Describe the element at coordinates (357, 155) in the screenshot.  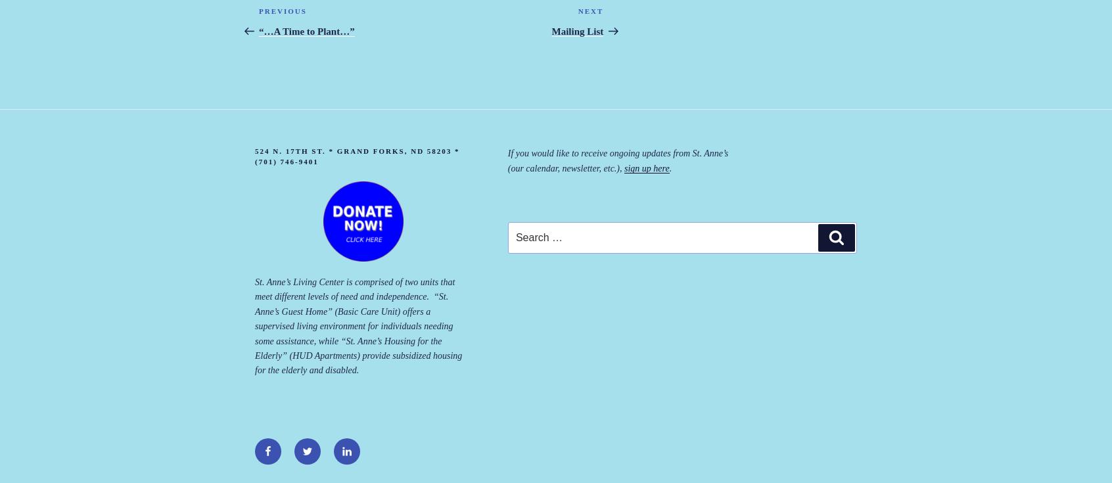
I see `'524 N. 17th St. * Grand Forks, ND 58203 * (701) 746-9401'` at that location.